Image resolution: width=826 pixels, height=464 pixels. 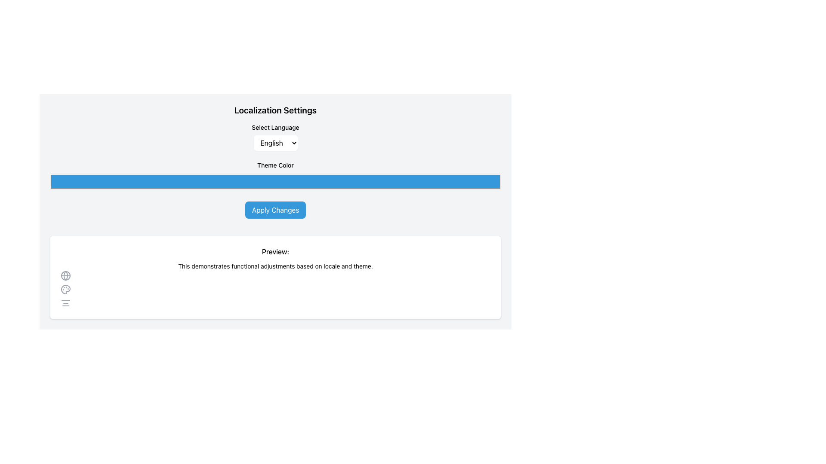 What do you see at coordinates (65, 290) in the screenshot?
I see `the decorative palette icon located in the 'Preview' section, positioned below the globe icon and above the hamburger menu icon` at bounding box center [65, 290].